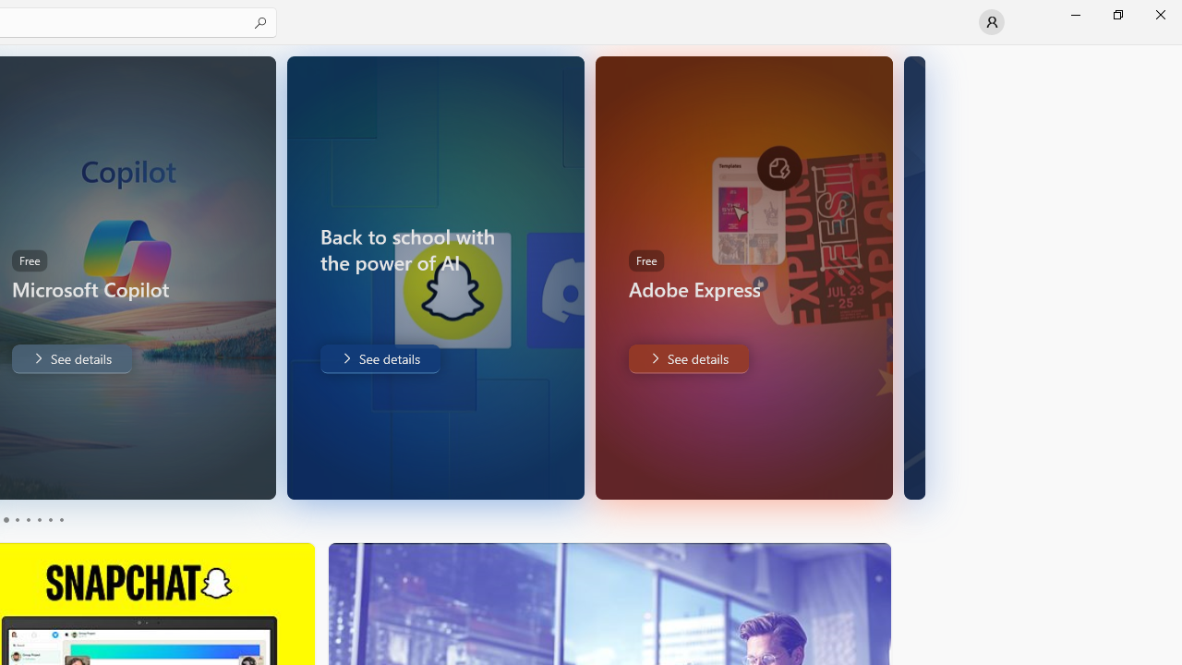 The height and width of the screenshot is (665, 1182). I want to click on 'Restore Microsoft Store', so click(1116, 14).